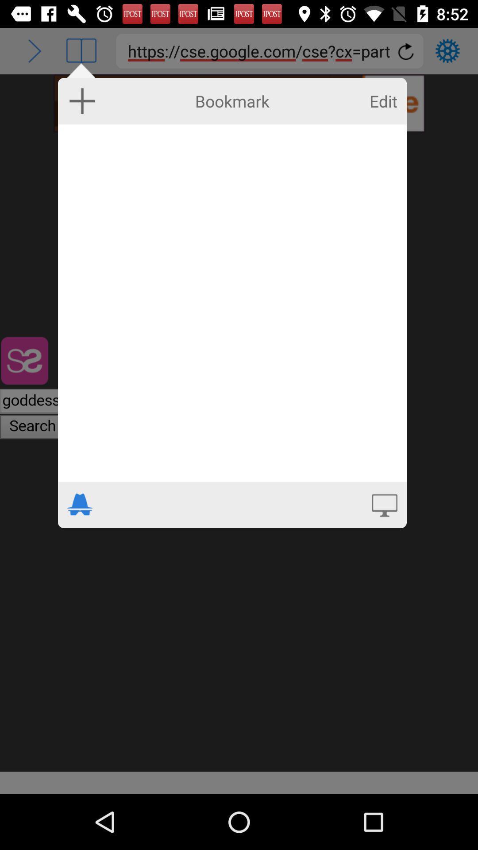 This screenshot has width=478, height=850. I want to click on the edit icon, so click(383, 101).